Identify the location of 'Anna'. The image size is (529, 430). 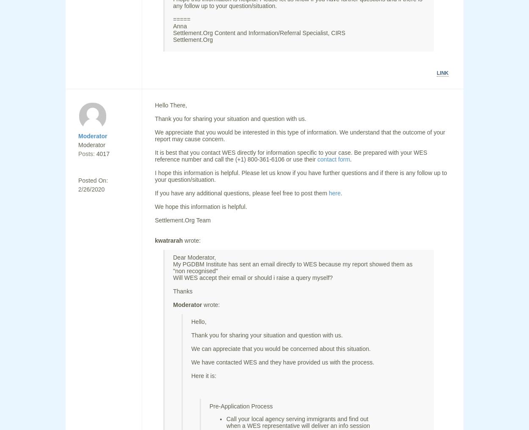
(180, 26).